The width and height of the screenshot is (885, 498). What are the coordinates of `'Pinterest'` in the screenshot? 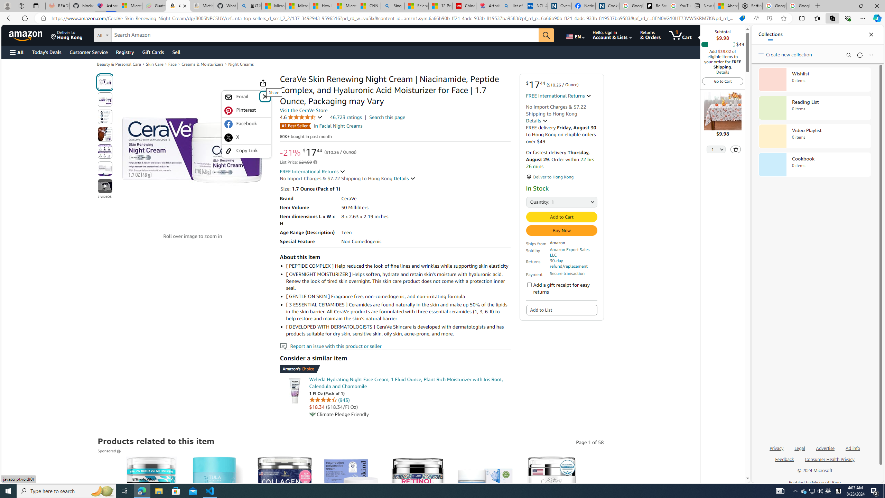 It's located at (245, 110).